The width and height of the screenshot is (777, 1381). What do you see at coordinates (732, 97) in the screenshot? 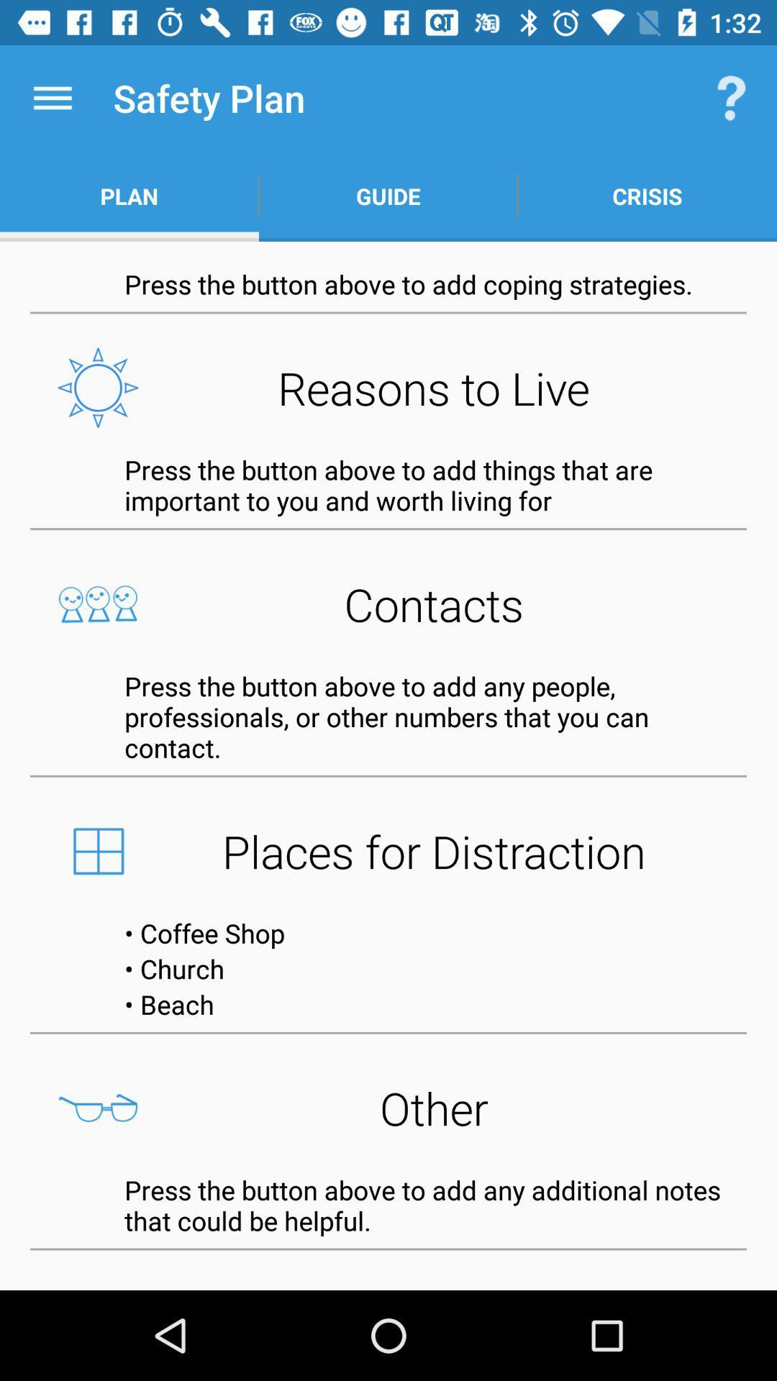
I see `app next to the guide` at bounding box center [732, 97].